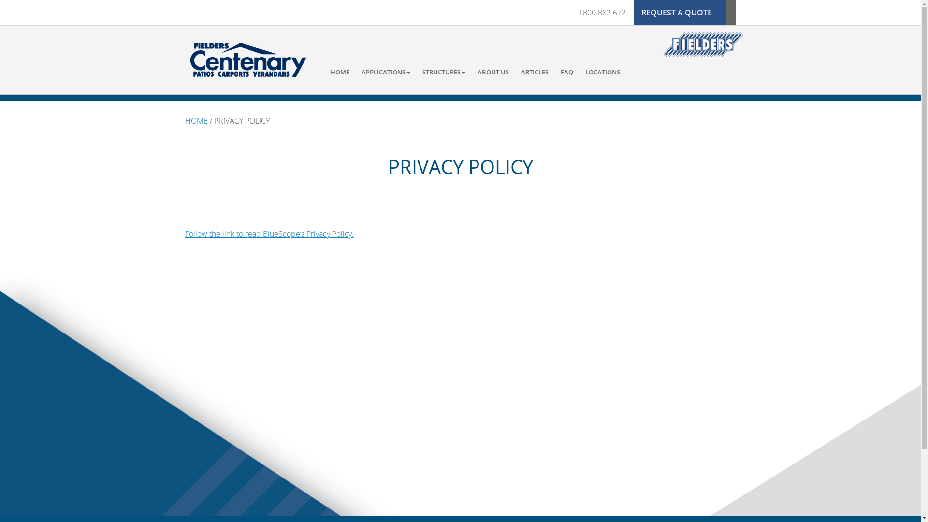 Image resolution: width=928 pixels, height=522 pixels. I want to click on 'ARTICLES', so click(534, 72).